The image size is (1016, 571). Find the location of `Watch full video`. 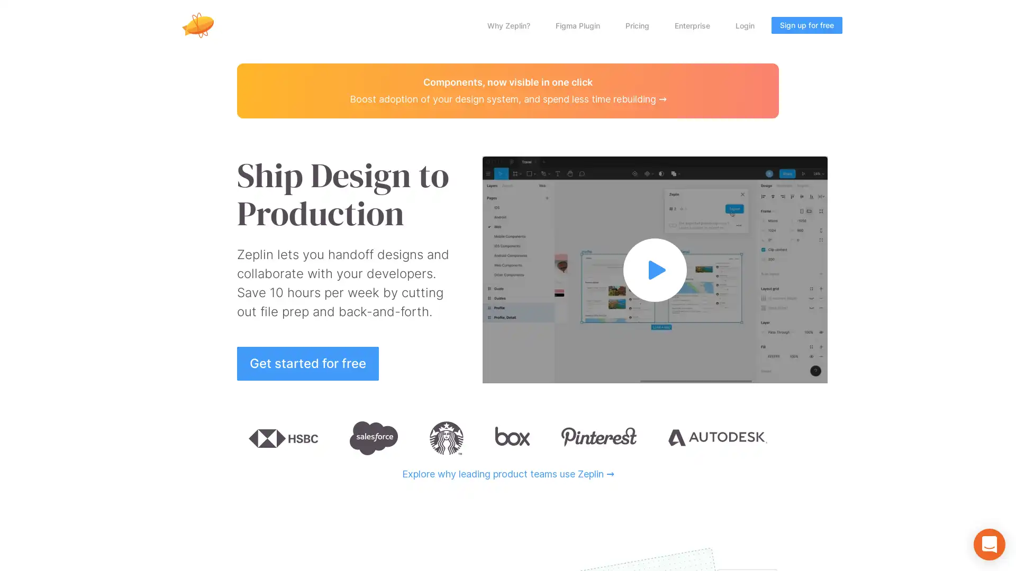

Watch full video is located at coordinates (655, 269).